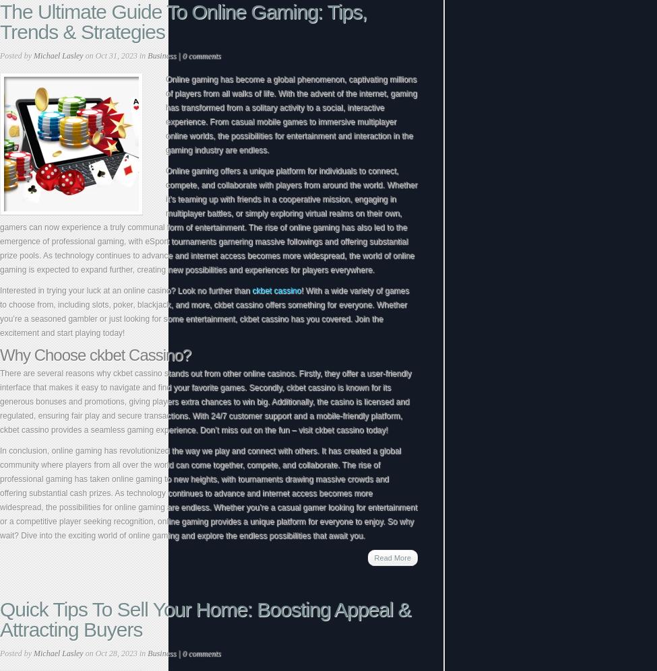  Describe the element at coordinates (115, 55) in the screenshot. I see `'on Oct 31, 2023 in'` at that location.